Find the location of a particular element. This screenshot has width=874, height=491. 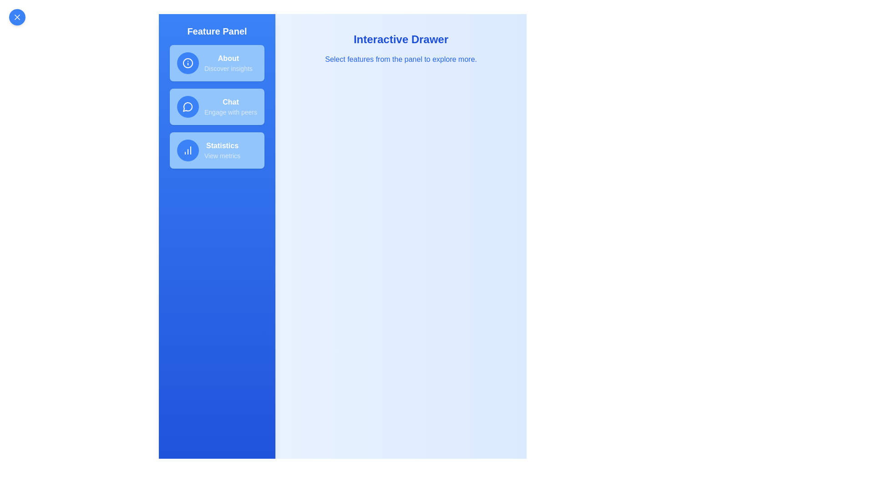

the toggle button to toggle the drawer open or closed is located at coordinates (17, 17).